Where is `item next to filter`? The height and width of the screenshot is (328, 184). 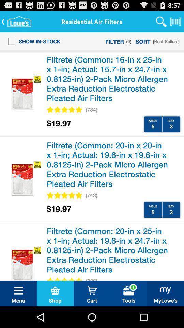 item next to filter is located at coordinates (32, 41).